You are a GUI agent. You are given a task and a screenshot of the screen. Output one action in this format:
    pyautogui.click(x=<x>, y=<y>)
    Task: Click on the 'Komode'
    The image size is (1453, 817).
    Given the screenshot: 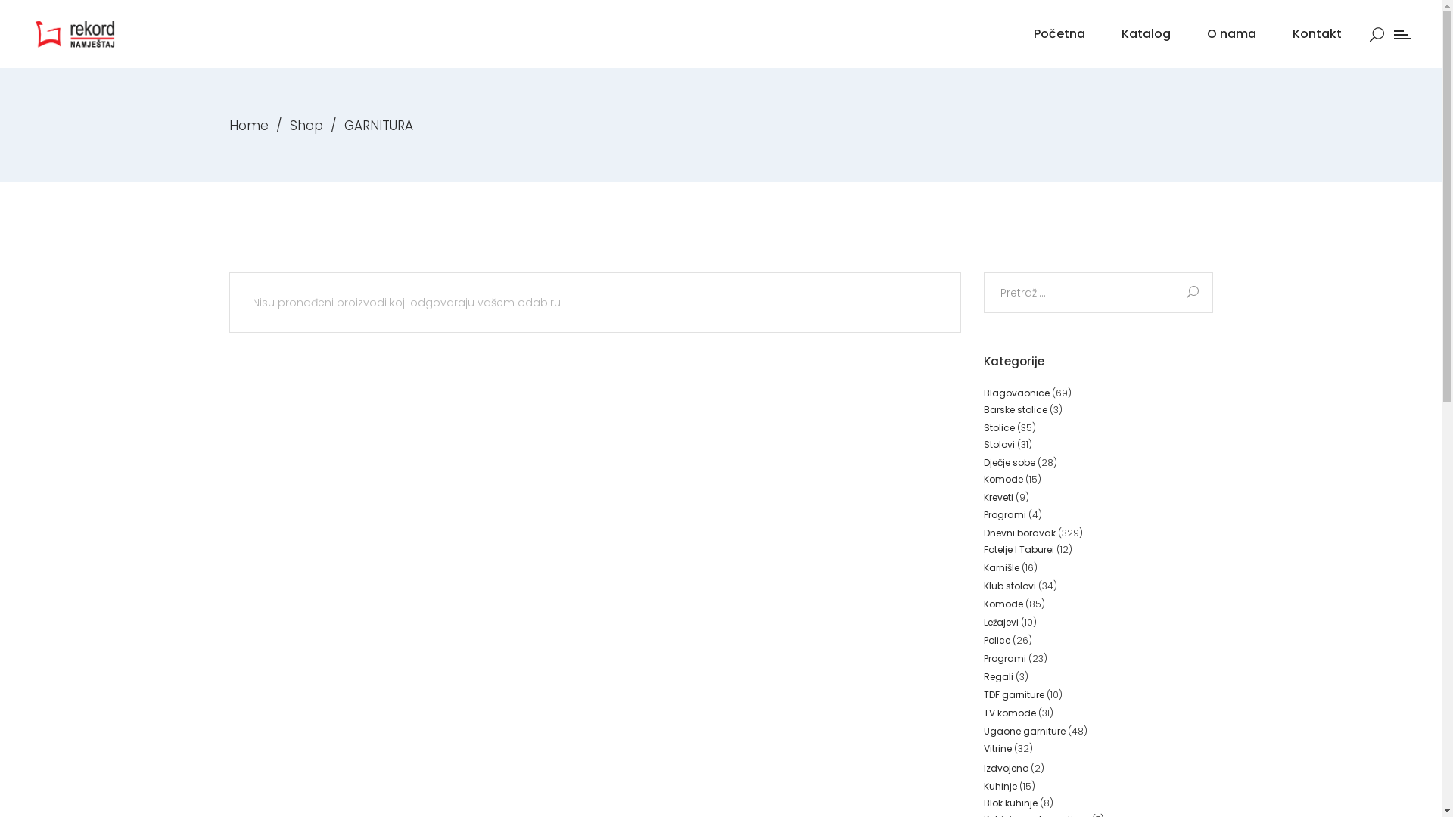 What is the action you would take?
    pyautogui.click(x=1003, y=603)
    